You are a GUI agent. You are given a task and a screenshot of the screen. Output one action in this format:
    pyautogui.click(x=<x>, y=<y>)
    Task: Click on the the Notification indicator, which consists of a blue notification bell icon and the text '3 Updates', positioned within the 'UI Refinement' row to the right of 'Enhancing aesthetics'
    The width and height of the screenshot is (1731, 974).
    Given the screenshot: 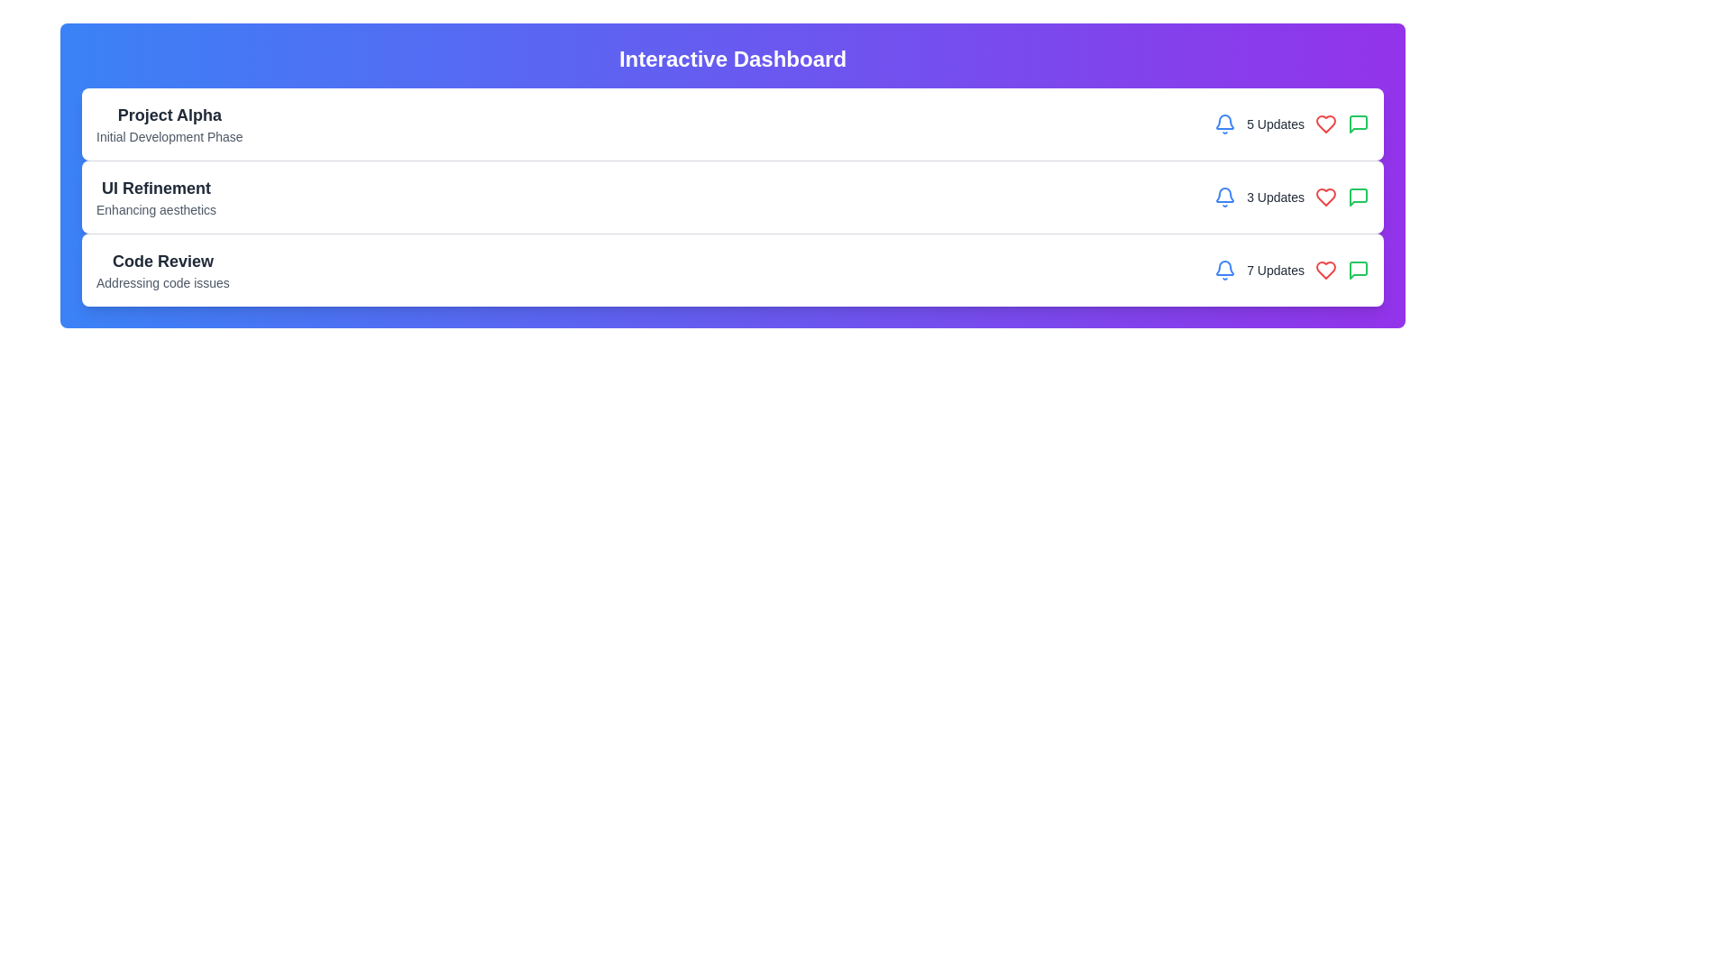 What is the action you would take?
    pyautogui.click(x=1291, y=198)
    